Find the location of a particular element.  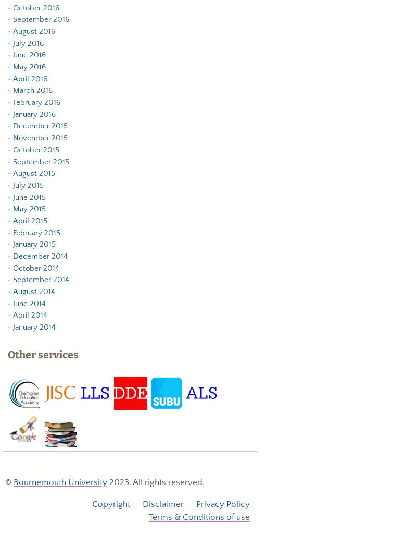

'September 2015' is located at coordinates (40, 161).